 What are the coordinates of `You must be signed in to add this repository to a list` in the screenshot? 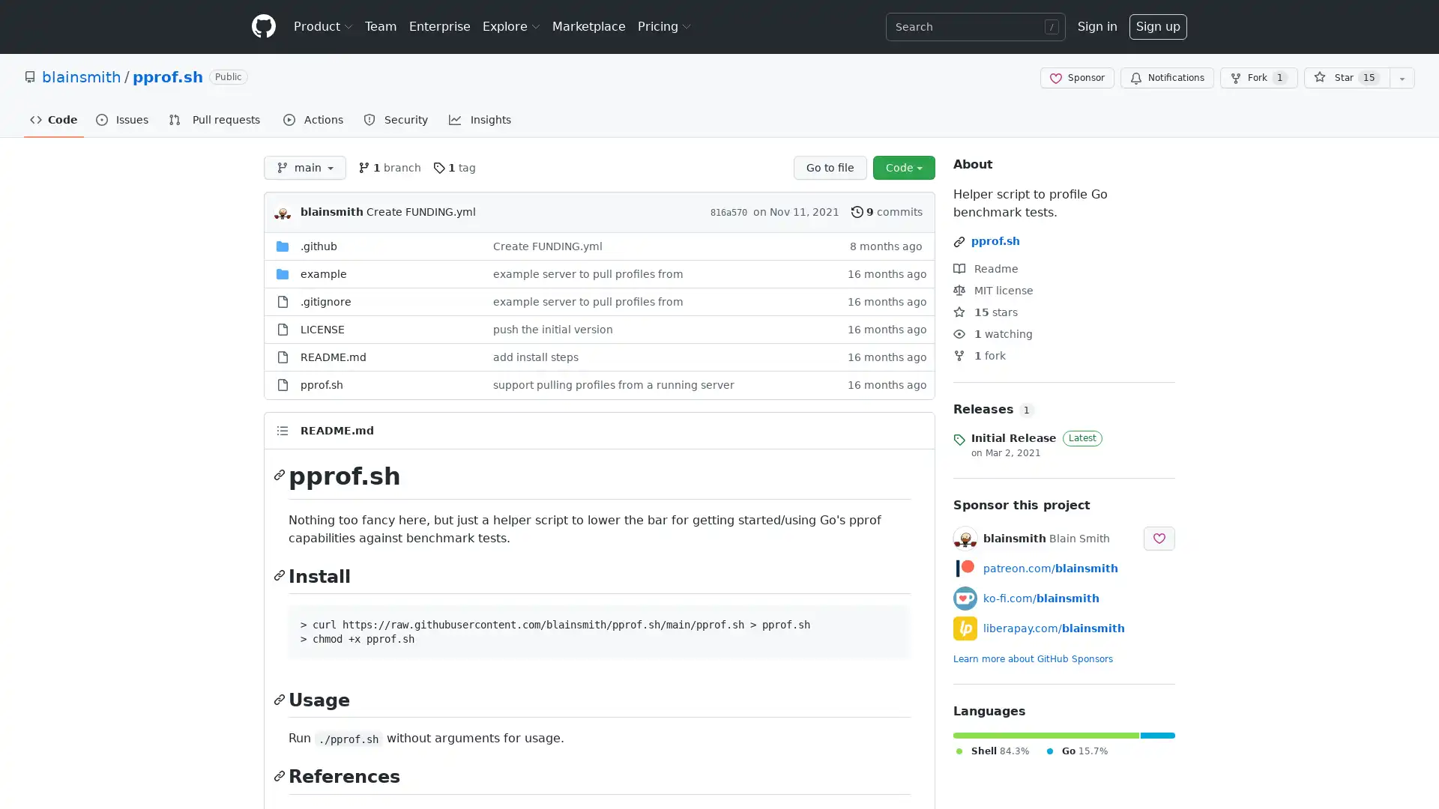 It's located at (1402, 78).